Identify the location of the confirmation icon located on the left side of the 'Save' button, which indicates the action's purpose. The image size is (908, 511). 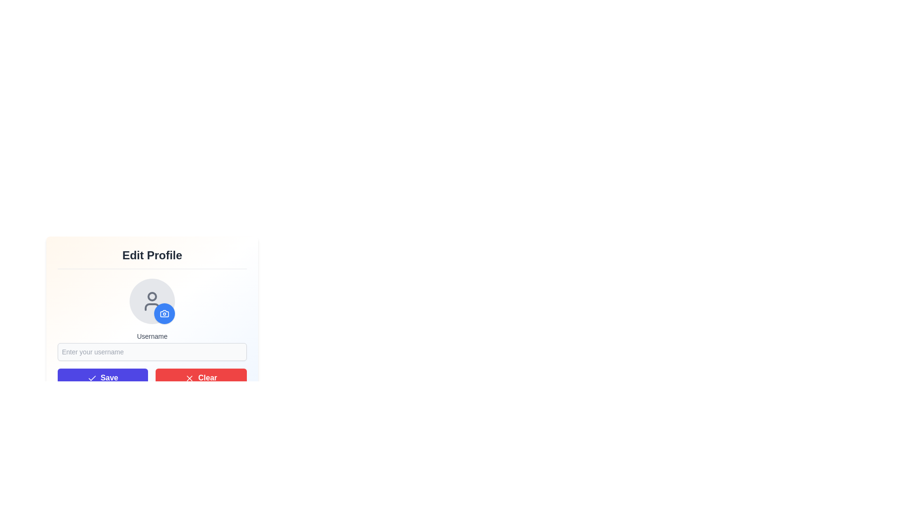
(92, 378).